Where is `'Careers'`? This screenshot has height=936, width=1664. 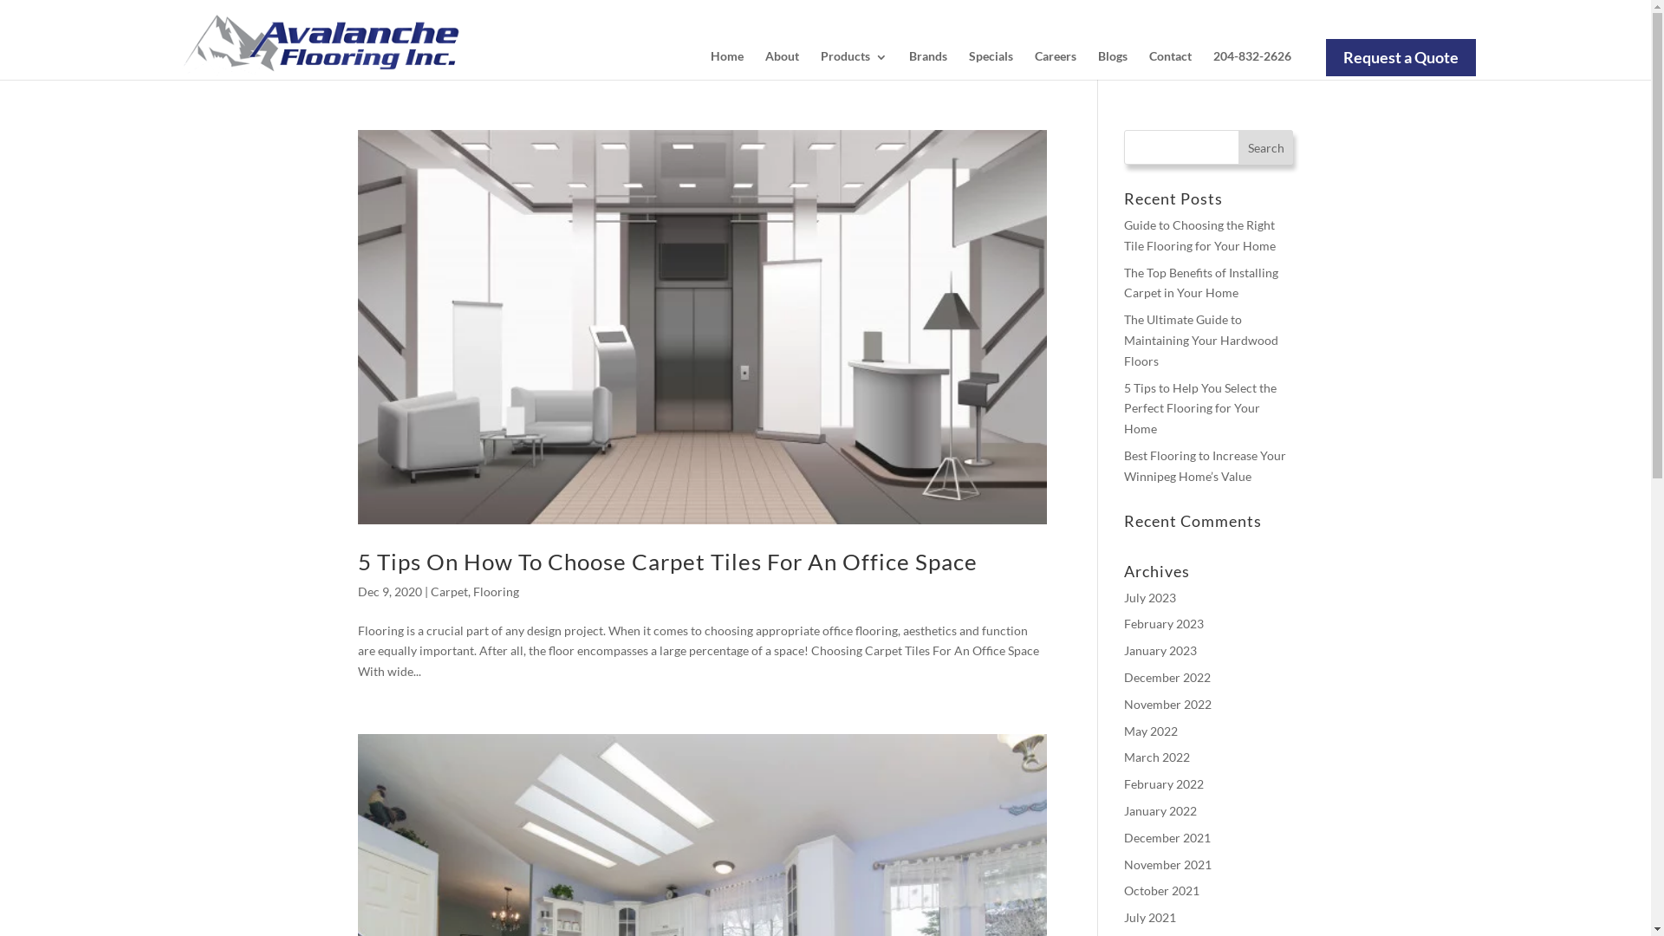 'Careers' is located at coordinates (1035, 58).